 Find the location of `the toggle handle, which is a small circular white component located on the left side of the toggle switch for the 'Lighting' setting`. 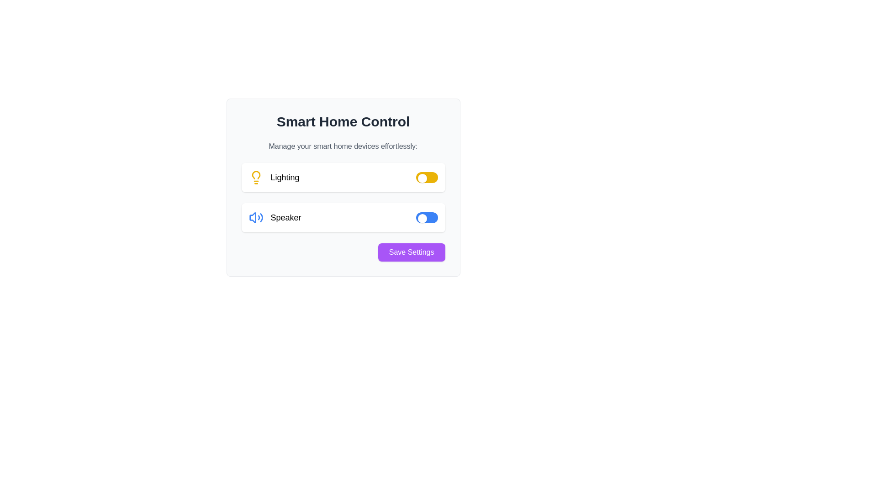

the toggle handle, which is a small circular white component located on the left side of the toggle switch for the 'Lighting' setting is located at coordinates (422, 178).